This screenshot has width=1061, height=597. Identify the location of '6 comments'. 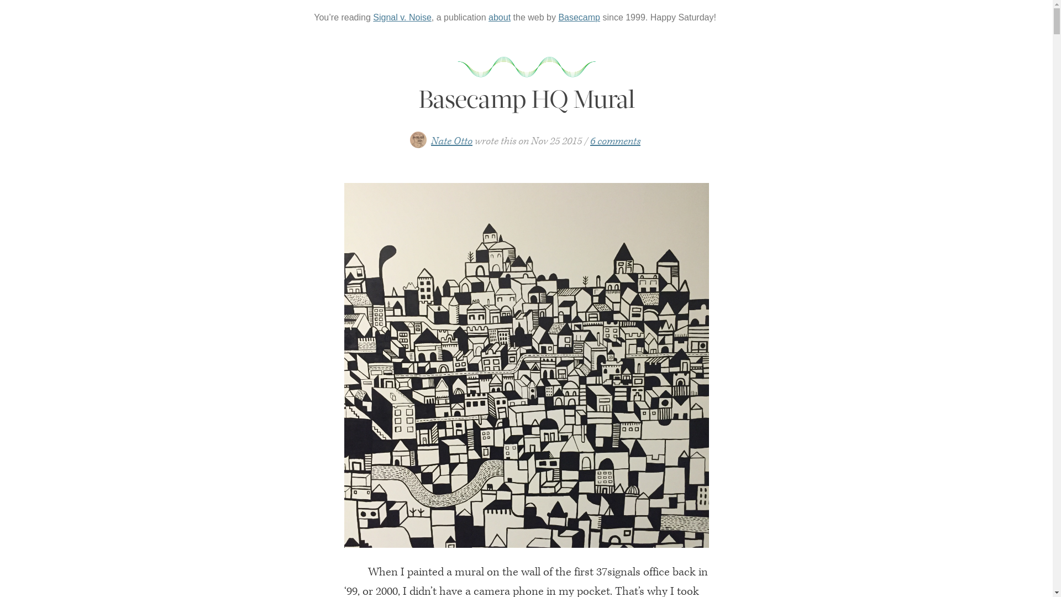
(614, 140).